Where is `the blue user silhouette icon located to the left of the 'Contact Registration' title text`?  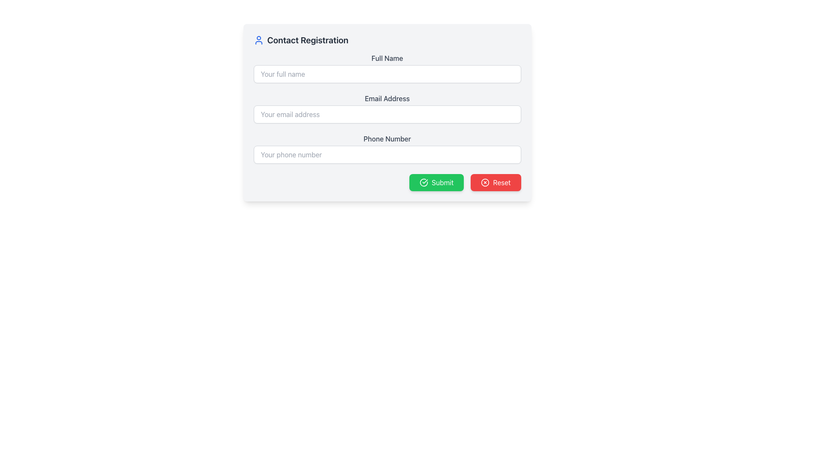 the blue user silhouette icon located to the left of the 'Contact Registration' title text is located at coordinates (258, 40).